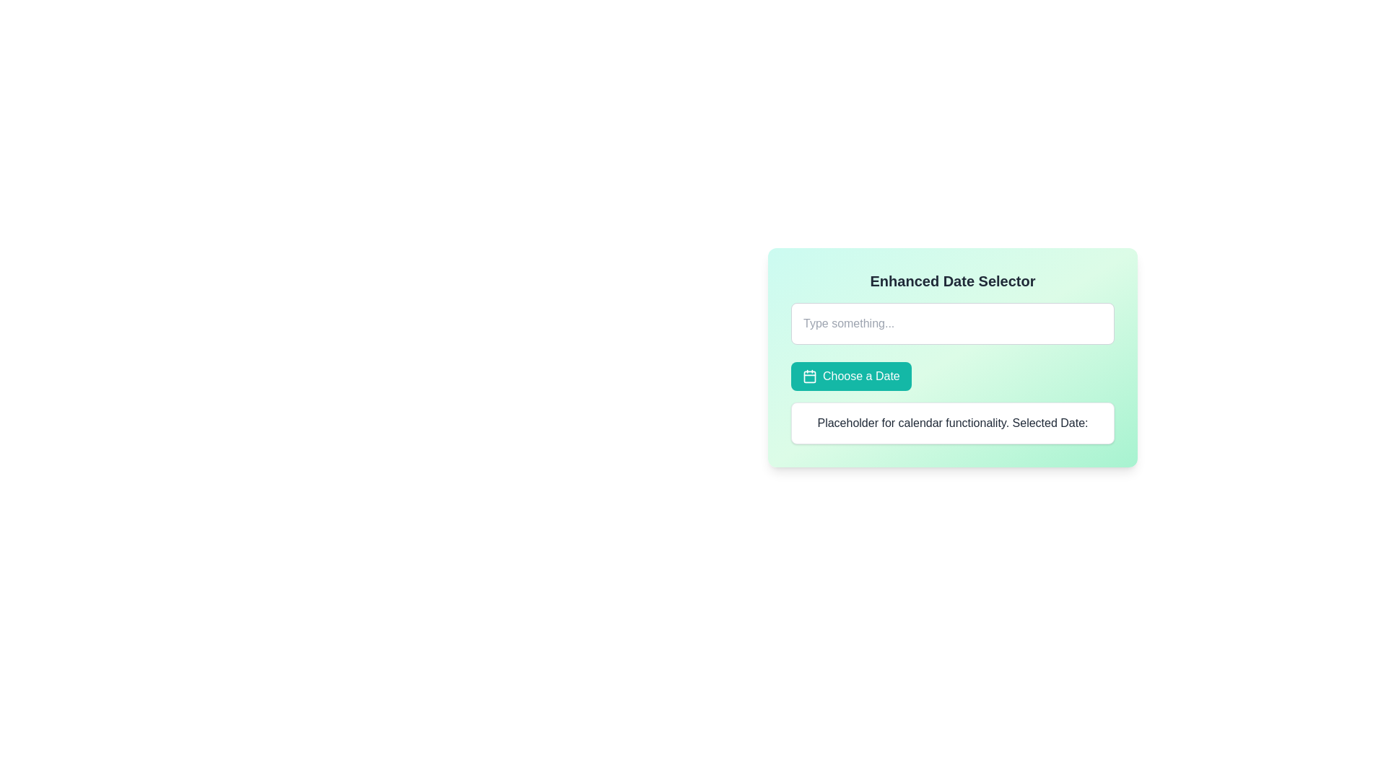 The width and height of the screenshot is (1386, 779). What do you see at coordinates (851, 375) in the screenshot?
I see `the 'Choose a Date' button with a teal background and white text to interact` at bounding box center [851, 375].